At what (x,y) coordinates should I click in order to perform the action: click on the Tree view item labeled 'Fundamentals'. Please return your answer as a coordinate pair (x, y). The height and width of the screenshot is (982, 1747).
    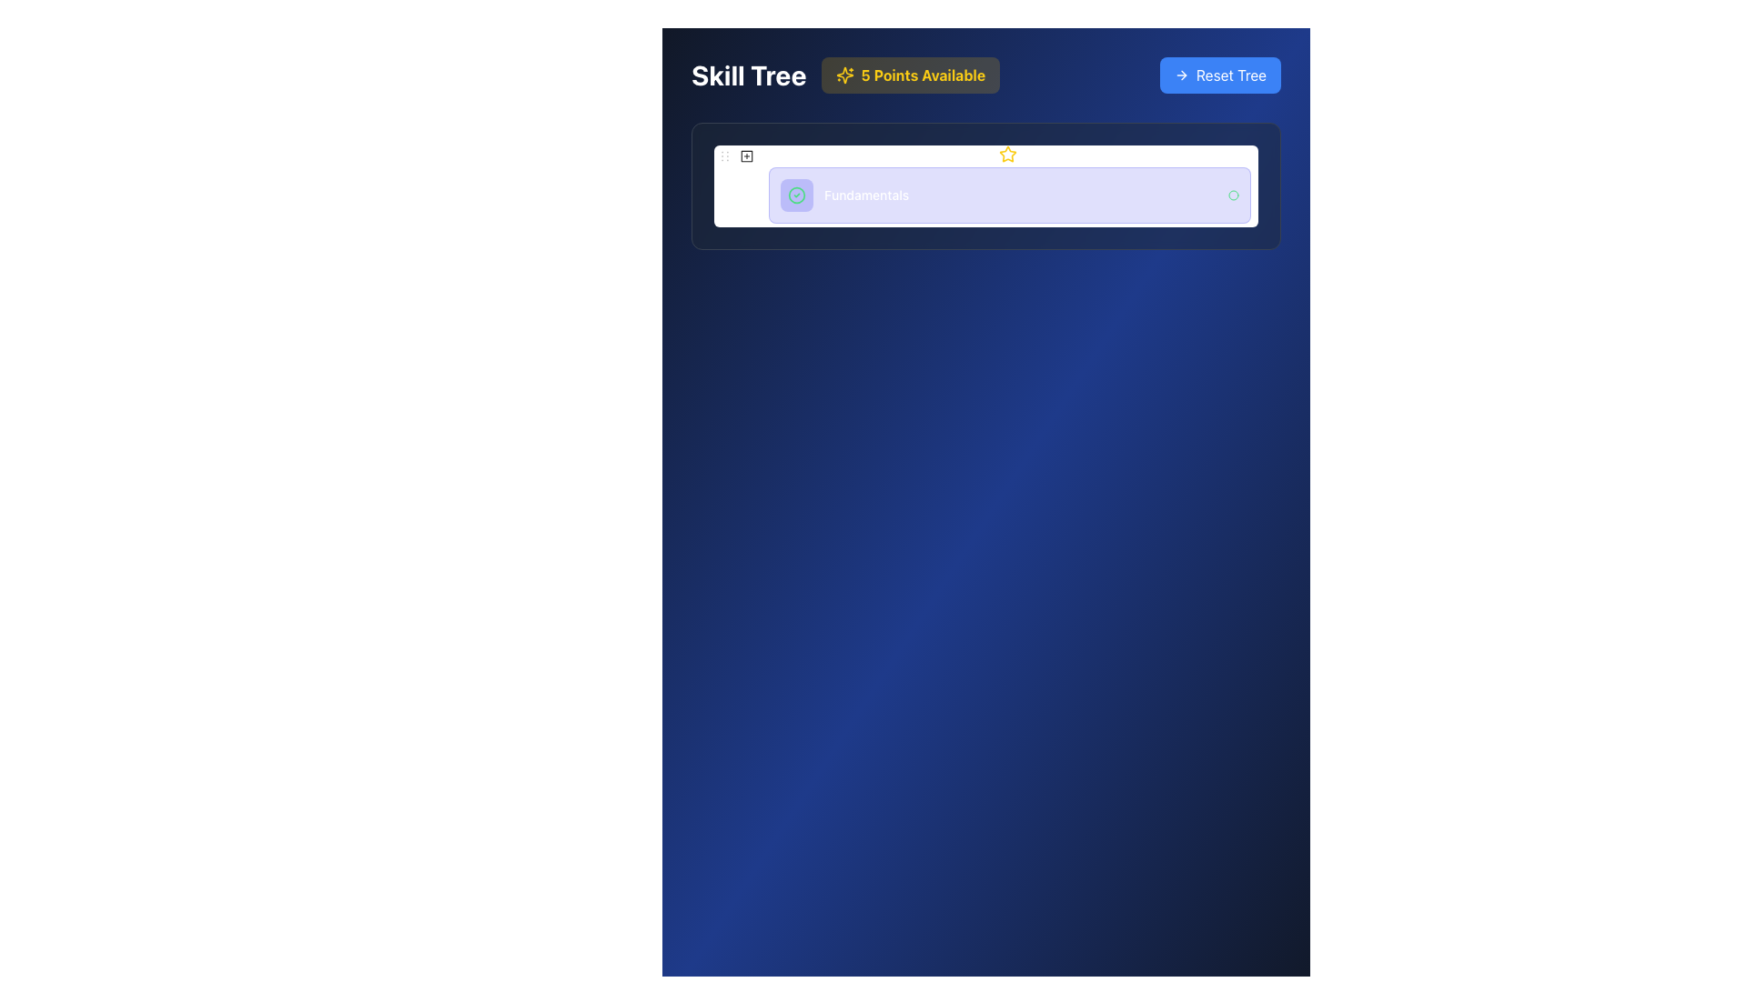
    Looking at the image, I should click on (985, 185).